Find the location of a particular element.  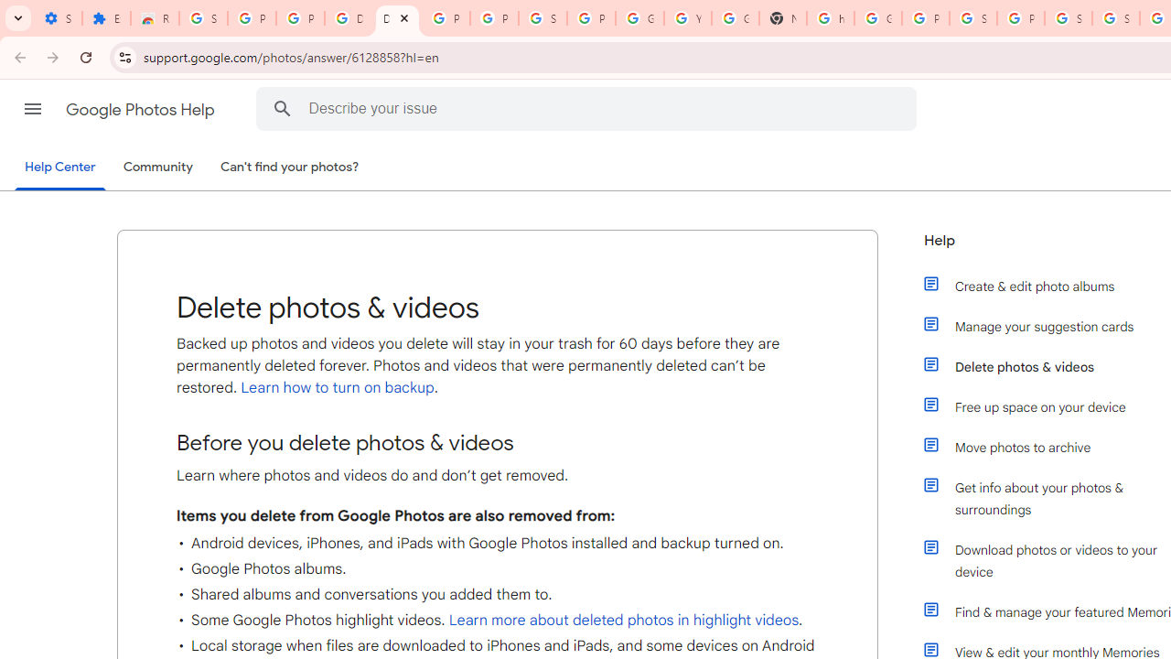

'New Tab' is located at coordinates (782, 18).